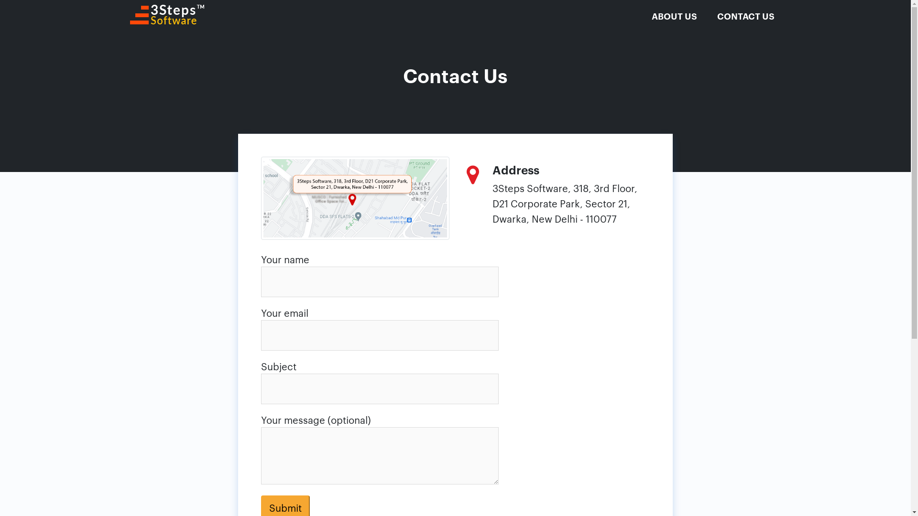 This screenshot has width=918, height=516. Describe the element at coordinates (709, 16) in the screenshot. I see `'CONTACT US'` at that location.